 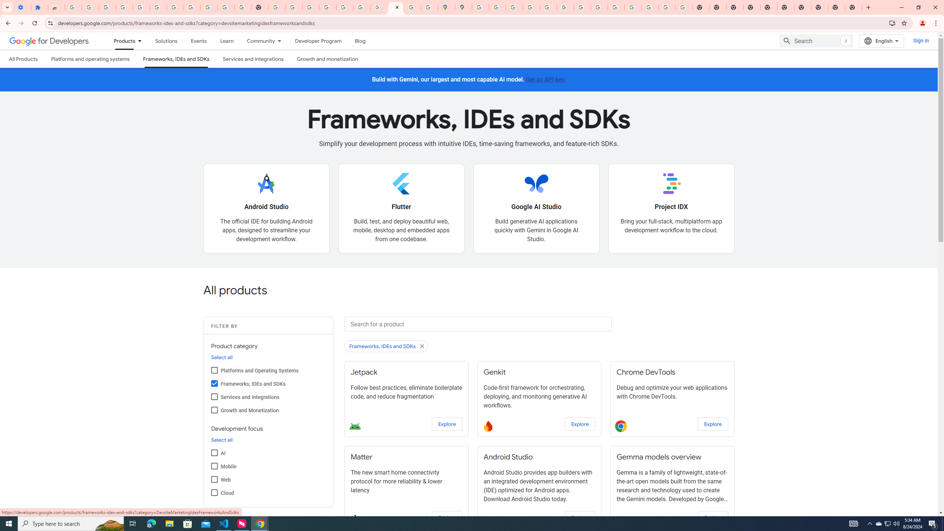 What do you see at coordinates (22, 7) in the screenshot?
I see `'Settings - On startup'` at bounding box center [22, 7].